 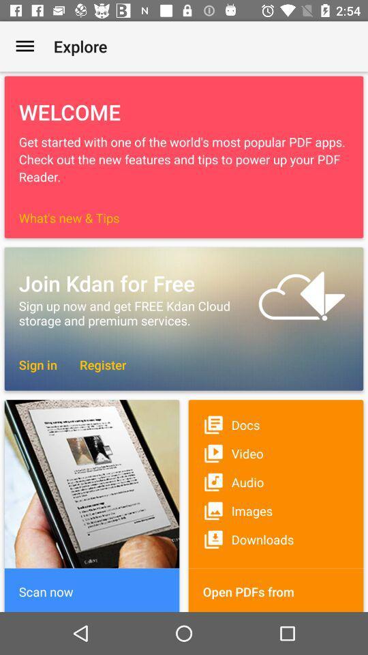 I want to click on the docs icon, so click(x=276, y=424).